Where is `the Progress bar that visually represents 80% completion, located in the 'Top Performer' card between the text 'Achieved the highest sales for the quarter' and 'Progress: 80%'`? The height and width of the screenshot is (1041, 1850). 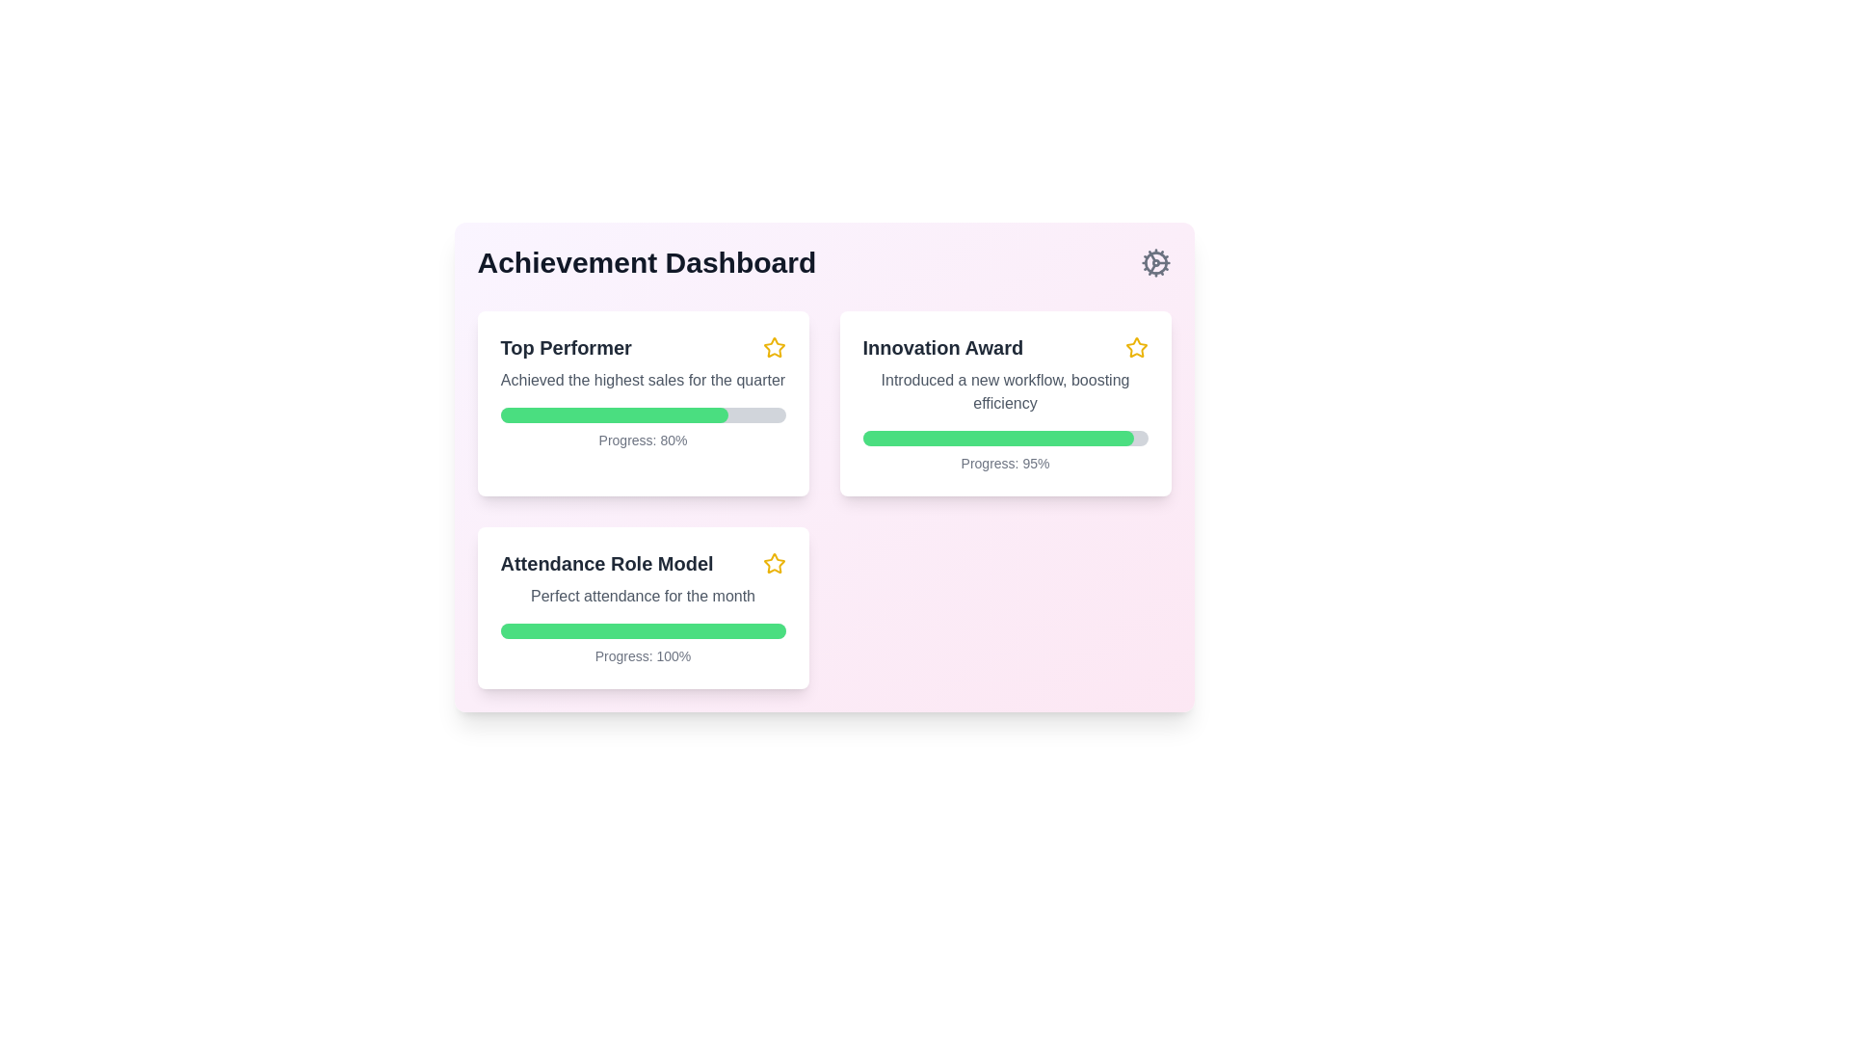 the Progress bar that visually represents 80% completion, located in the 'Top Performer' card between the text 'Achieved the highest sales for the quarter' and 'Progress: 80%' is located at coordinates (643, 414).